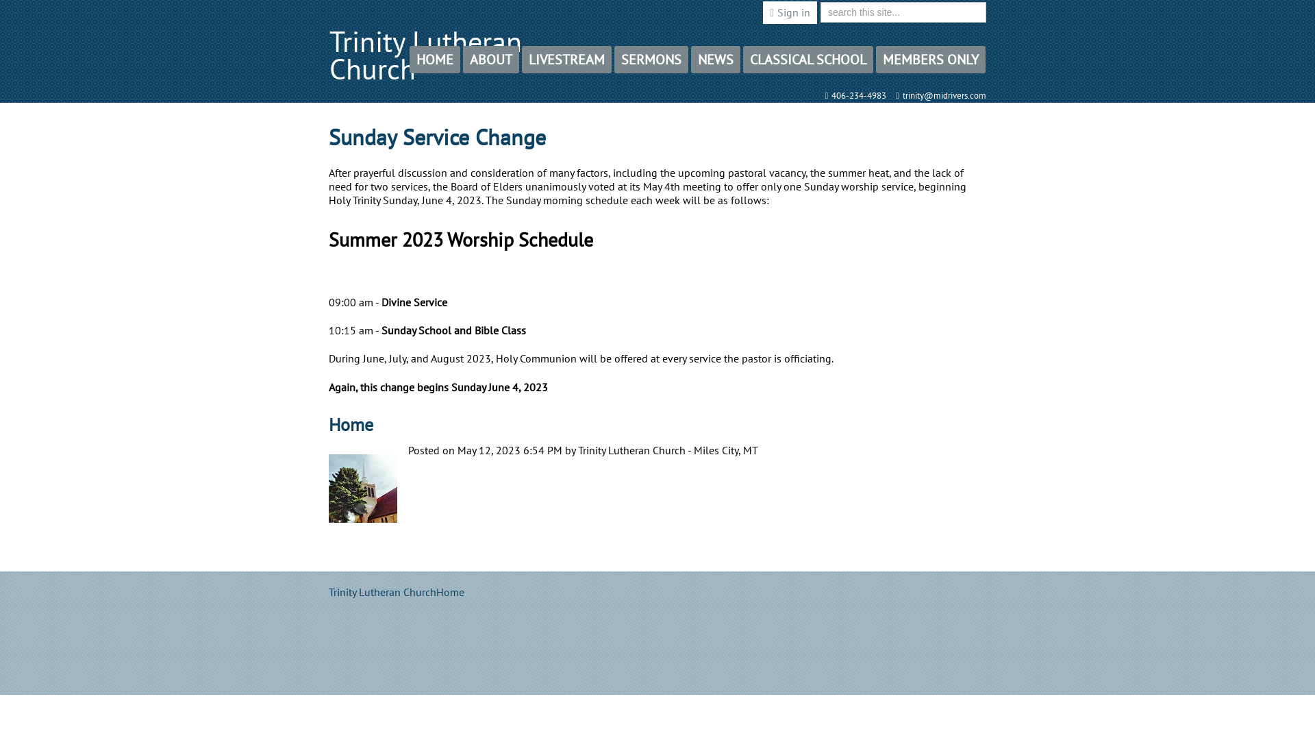  What do you see at coordinates (434, 59) in the screenshot?
I see `'HOME'` at bounding box center [434, 59].